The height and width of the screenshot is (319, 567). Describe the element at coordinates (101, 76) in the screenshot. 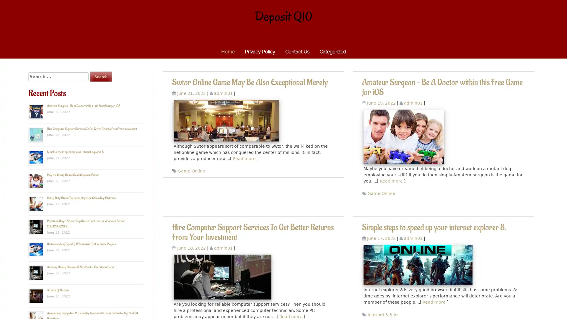

I see `Search` at that location.